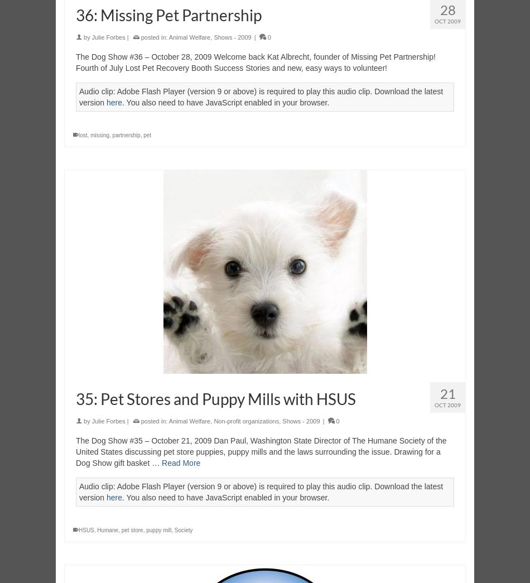 Image resolution: width=530 pixels, height=583 pixels. I want to click on 'puppy mill', so click(146, 529).